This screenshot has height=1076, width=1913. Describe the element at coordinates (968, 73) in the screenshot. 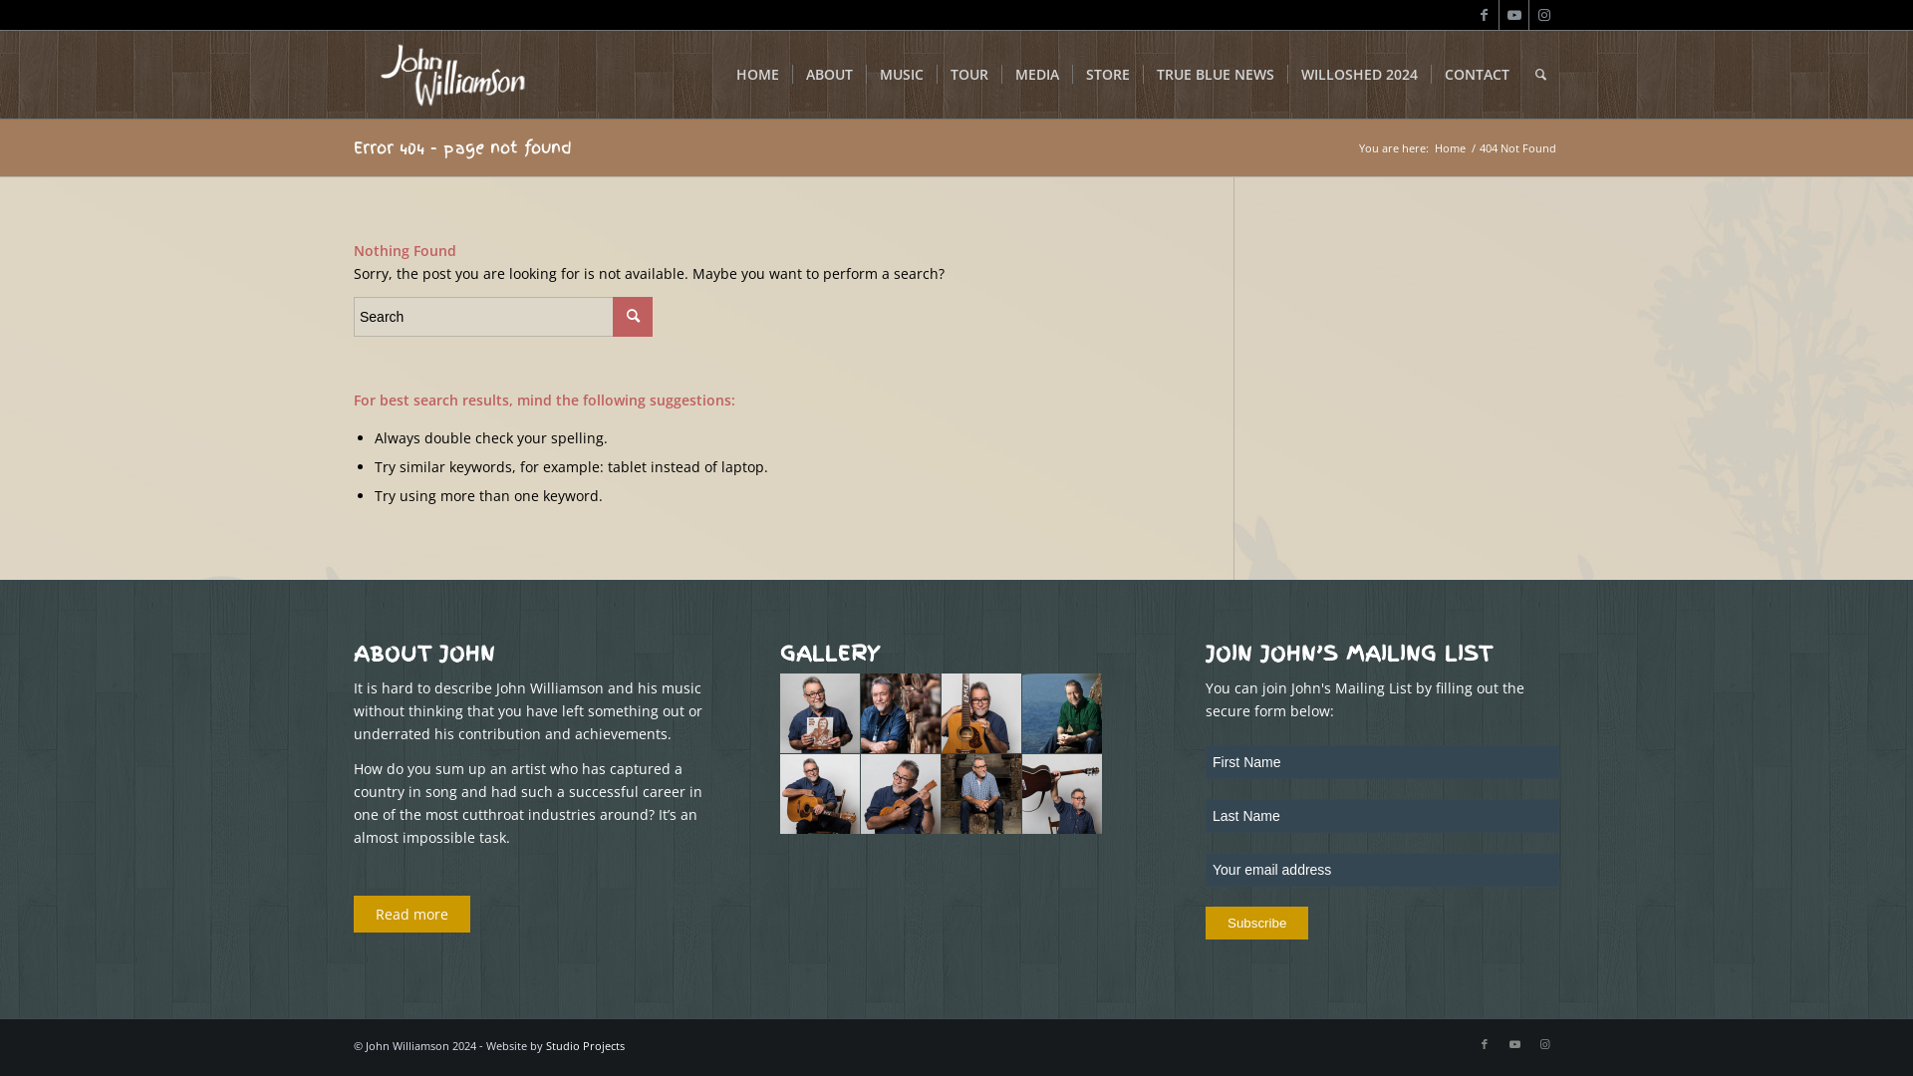

I see `'TOUR'` at that location.